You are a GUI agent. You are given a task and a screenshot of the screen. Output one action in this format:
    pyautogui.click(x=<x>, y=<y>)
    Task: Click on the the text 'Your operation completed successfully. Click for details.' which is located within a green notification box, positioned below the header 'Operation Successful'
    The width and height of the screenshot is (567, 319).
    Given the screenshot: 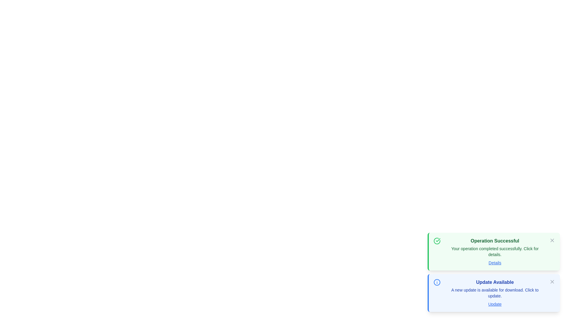 What is the action you would take?
    pyautogui.click(x=495, y=252)
    